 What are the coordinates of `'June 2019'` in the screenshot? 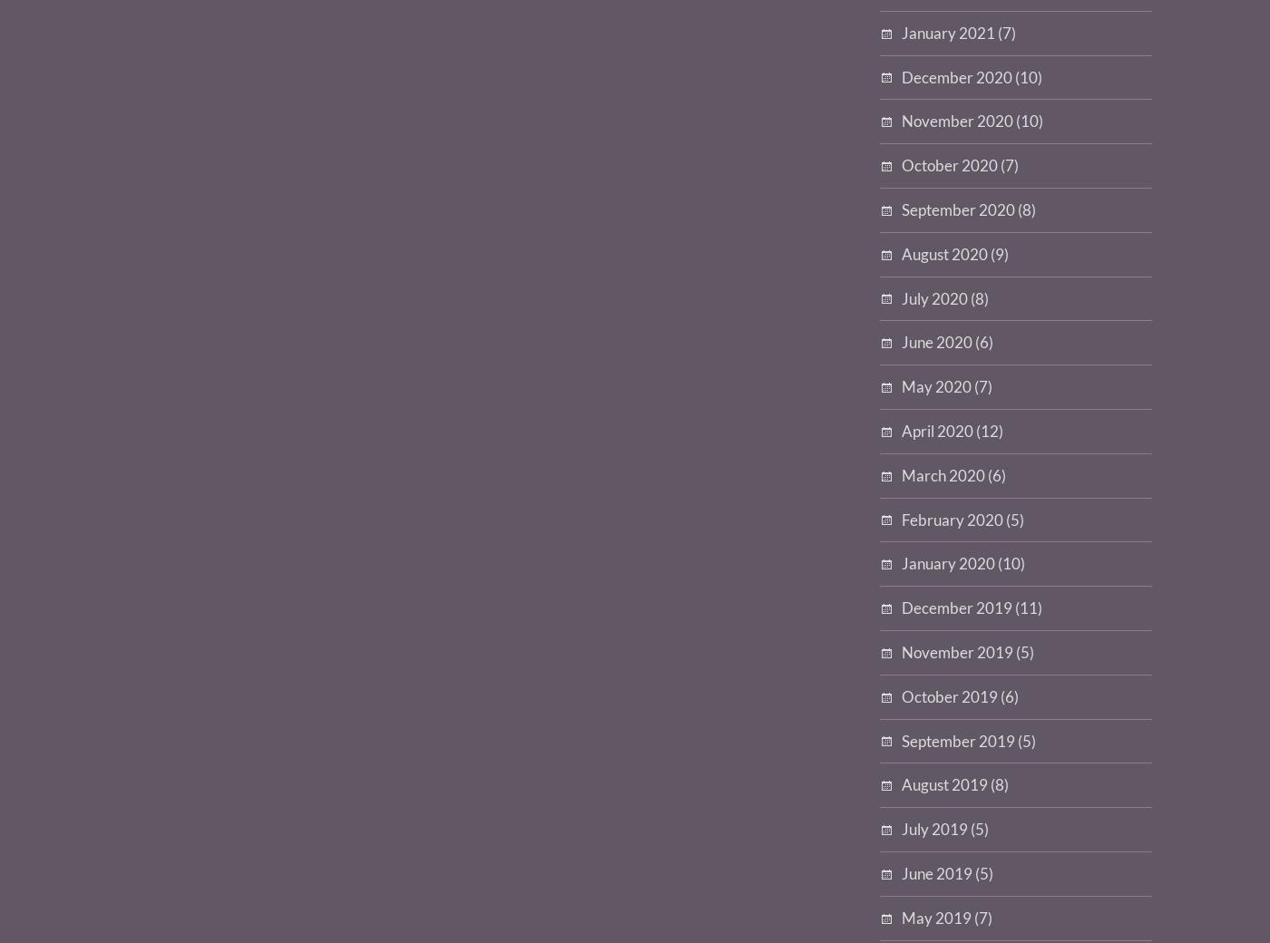 It's located at (937, 873).